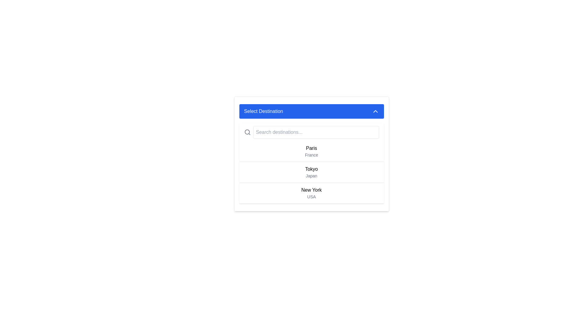 The image size is (581, 327). Describe the element at coordinates (311, 197) in the screenshot. I see `the text label element displaying the country corresponding to 'New York' within the 'Select Destination' dropdown list` at that location.